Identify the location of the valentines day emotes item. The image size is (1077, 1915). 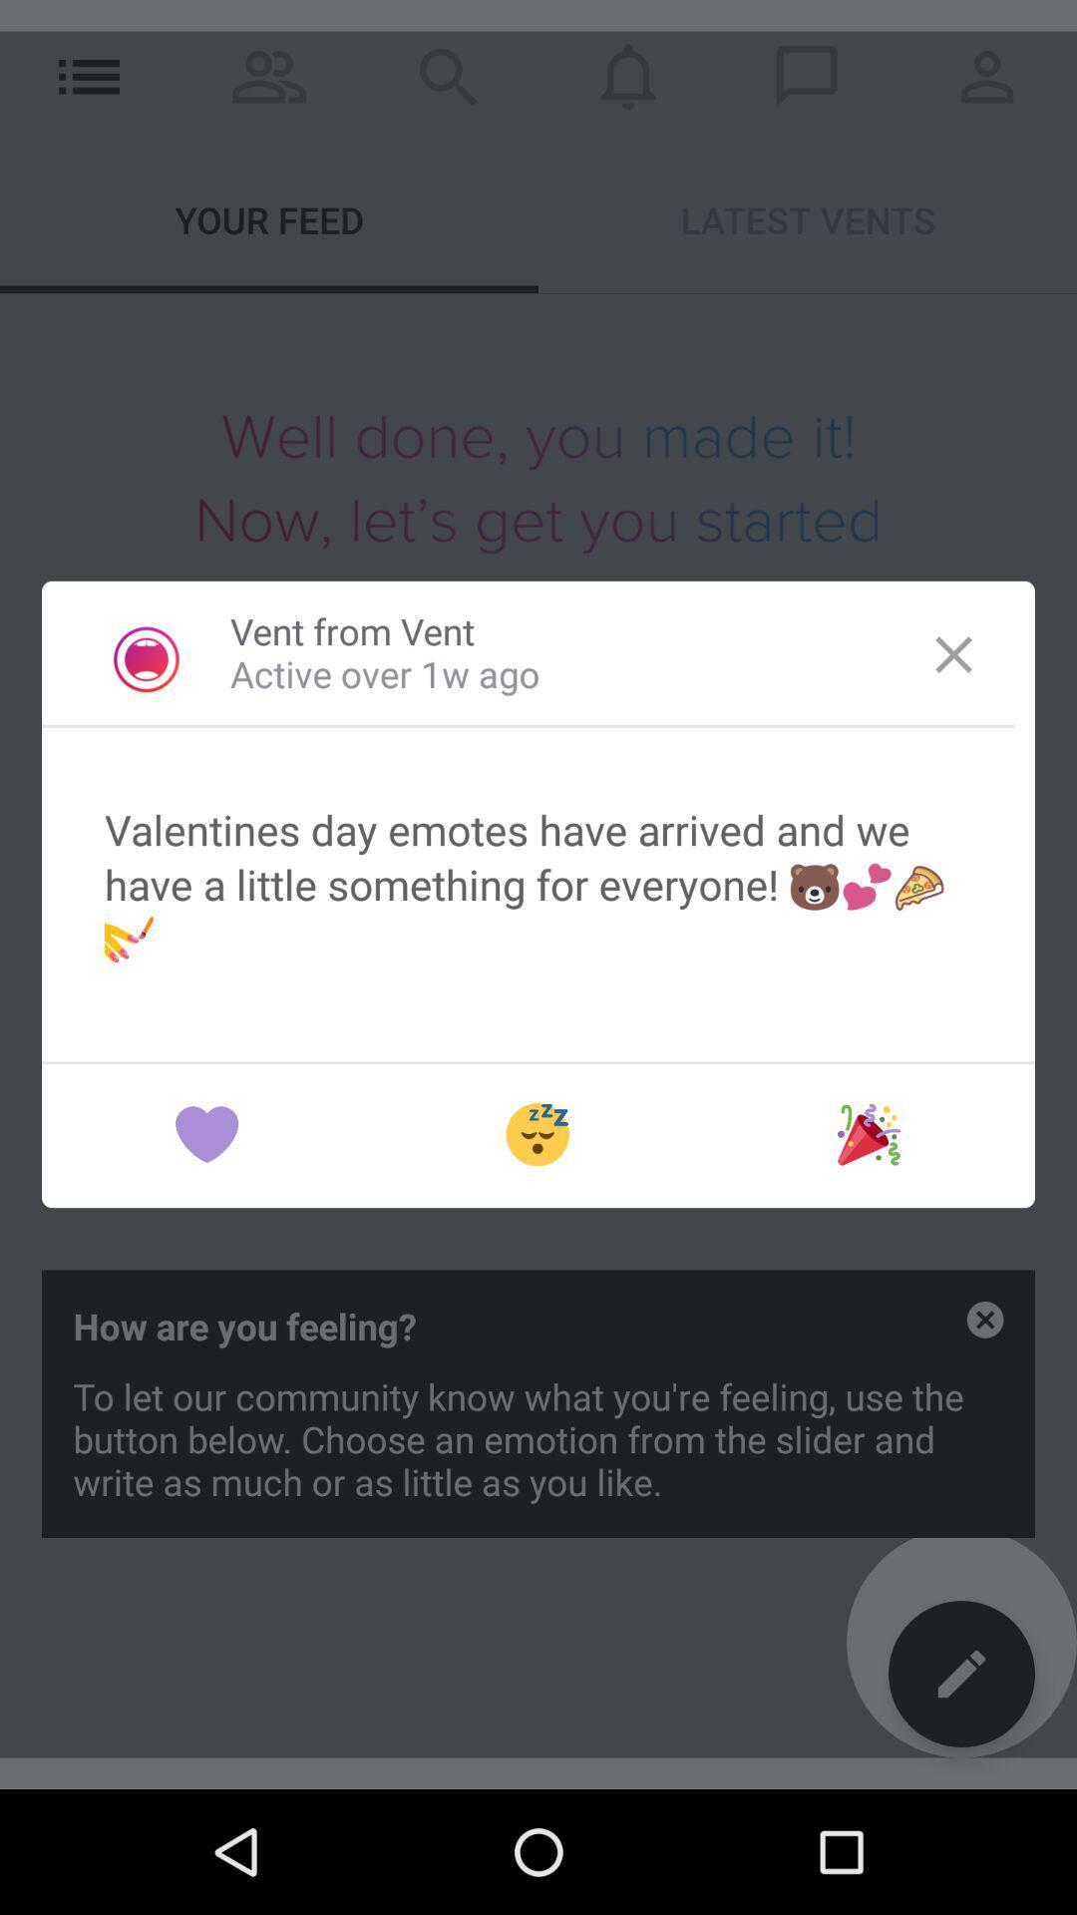
(538, 883).